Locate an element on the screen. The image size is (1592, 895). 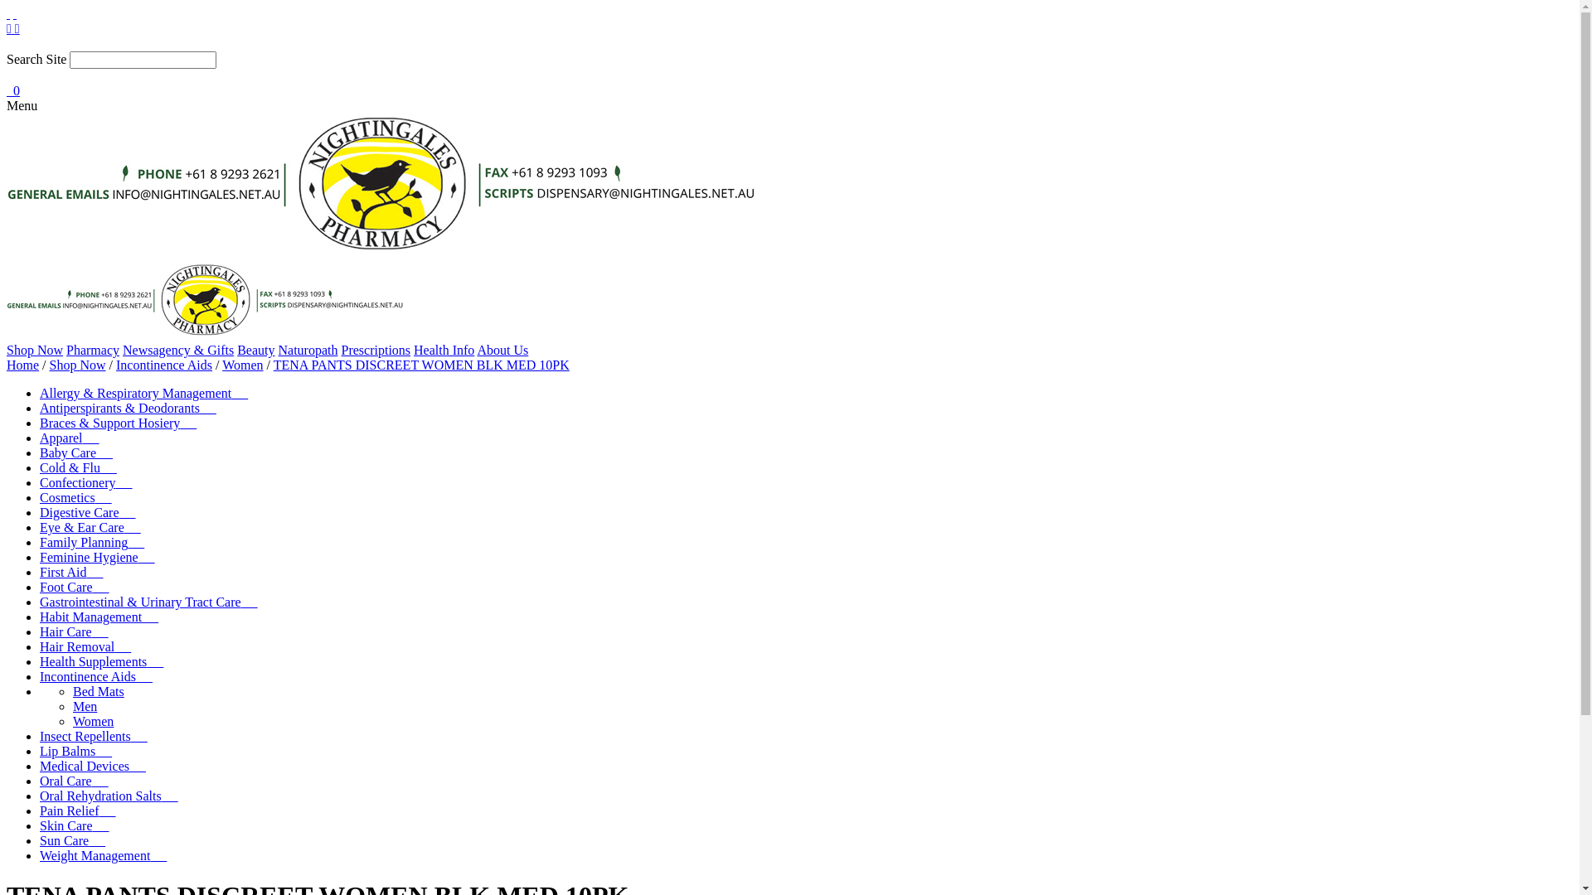
'Gastrointestinal & Urinary Tract Care     ' is located at coordinates (148, 602).